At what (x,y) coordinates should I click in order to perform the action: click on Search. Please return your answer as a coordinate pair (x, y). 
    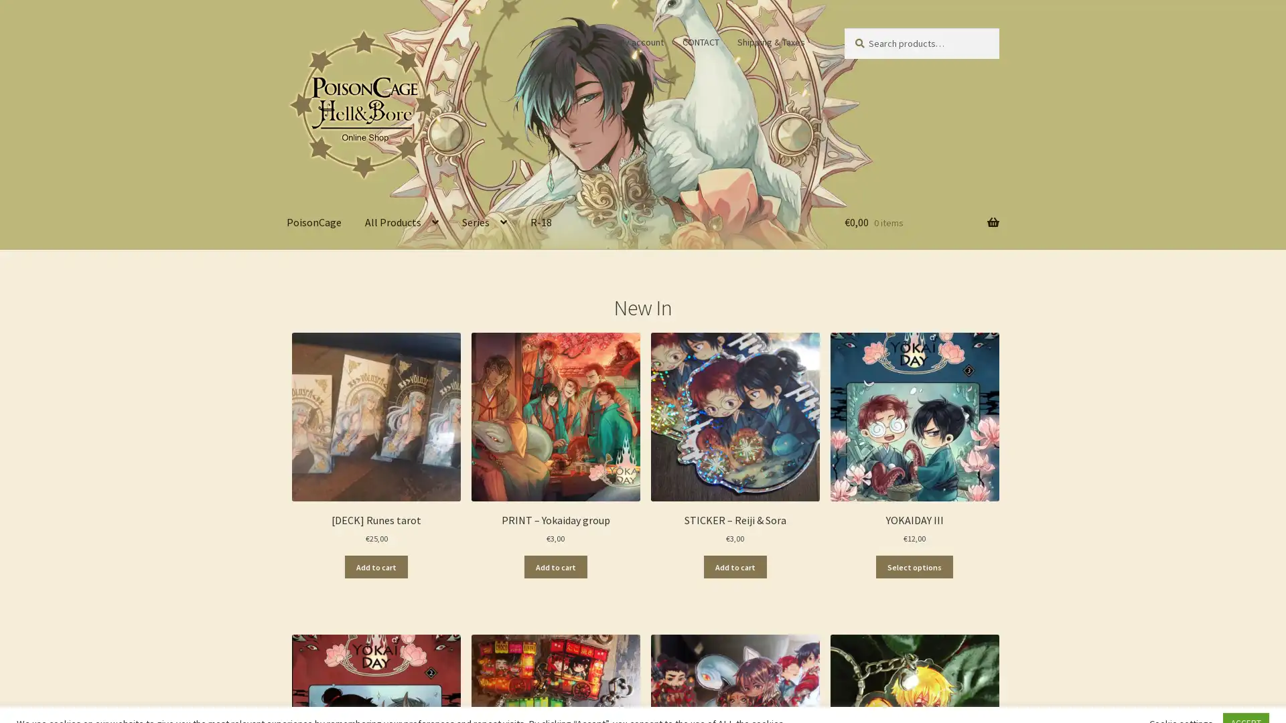
    Looking at the image, I should click on (843, 27).